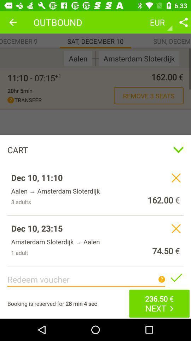  What do you see at coordinates (175, 277) in the screenshot?
I see `redeem voucher` at bounding box center [175, 277].